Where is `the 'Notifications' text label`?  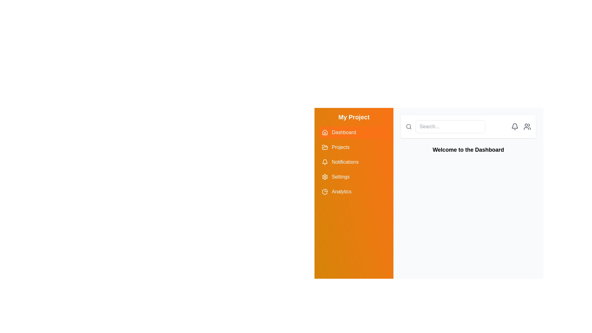
the 'Notifications' text label is located at coordinates (345, 162).